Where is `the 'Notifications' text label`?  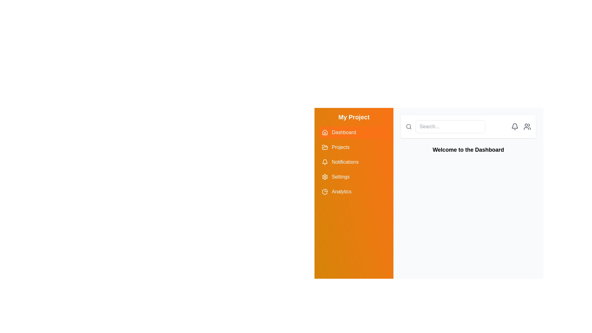
the 'Notifications' text label is located at coordinates (345, 162).